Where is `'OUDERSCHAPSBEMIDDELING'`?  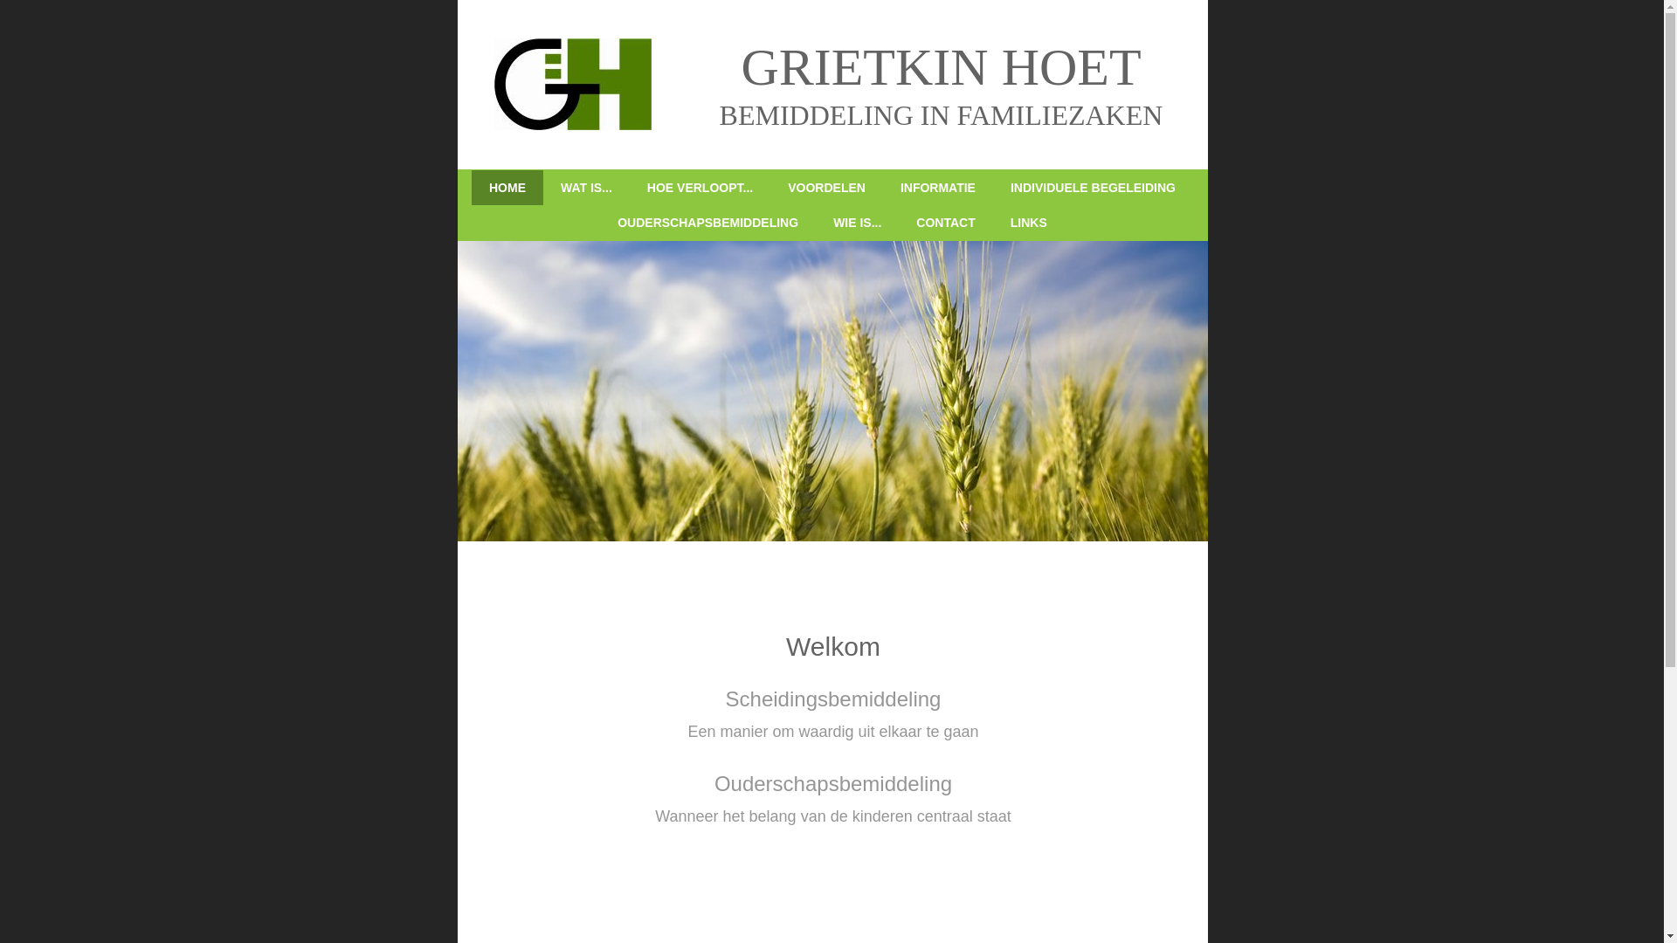 'OUDERSCHAPSBEMIDDELING' is located at coordinates (707, 221).